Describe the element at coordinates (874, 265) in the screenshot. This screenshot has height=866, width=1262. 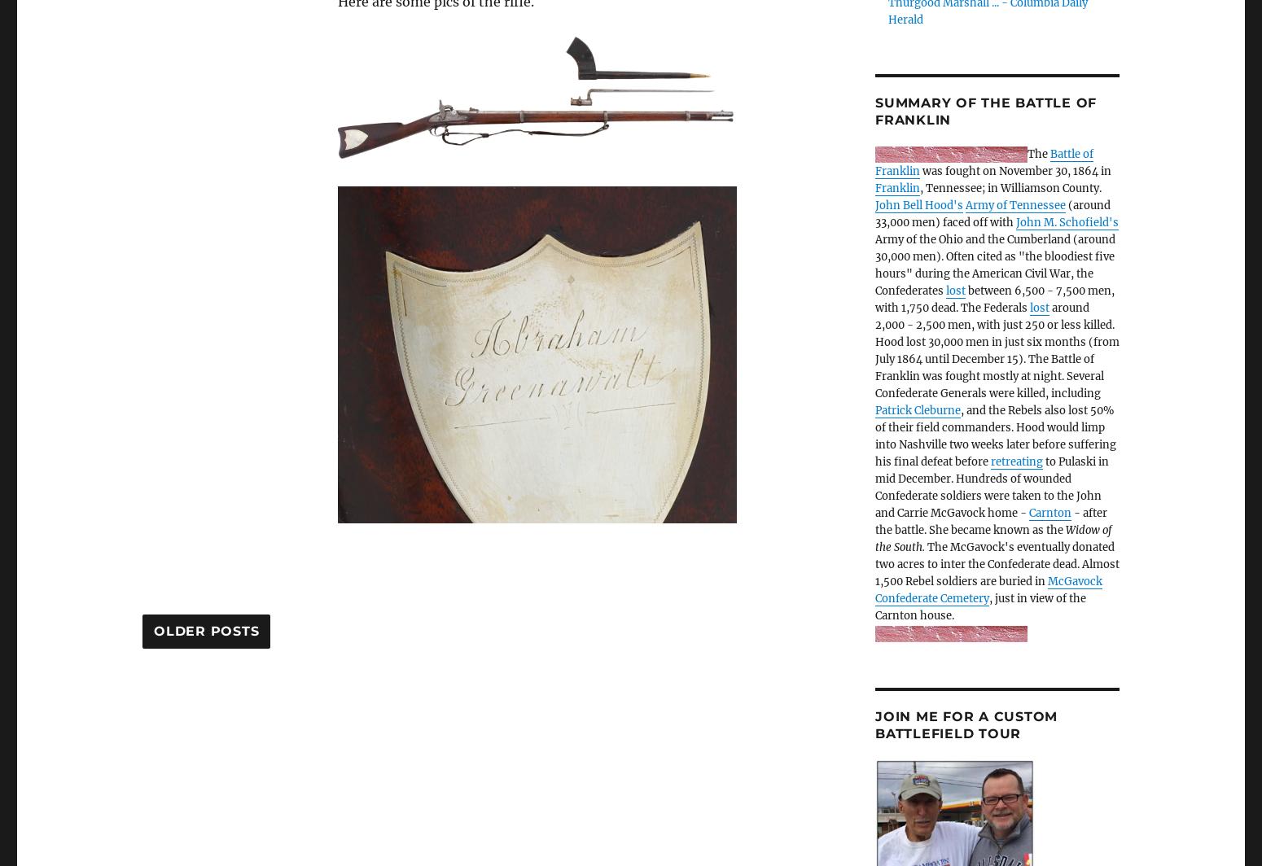
I see `'Army of the Ohio and the Cumberland (around 30,000 men). Often cited as "the bloodiest five hours" during the American Civil War, the Confederates'` at that location.